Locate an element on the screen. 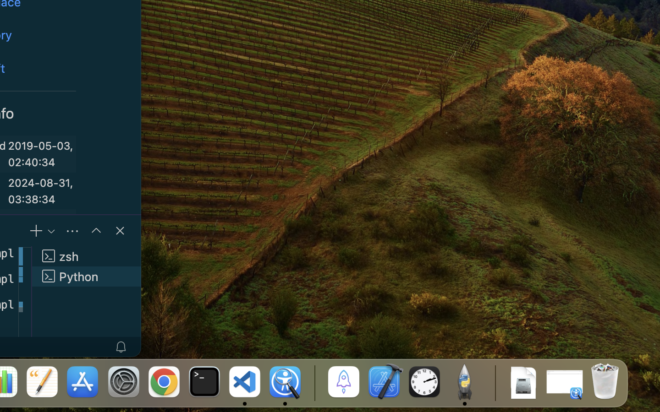 This screenshot has width=660, height=412. '' is located at coordinates (96, 230).